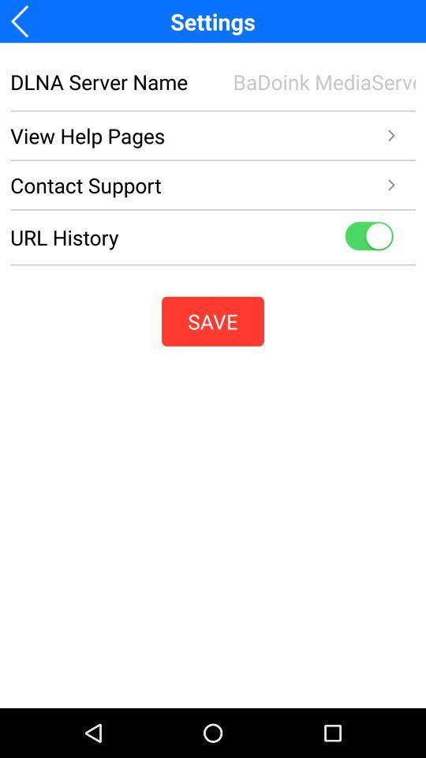  What do you see at coordinates (368, 236) in the screenshot?
I see `url history` at bounding box center [368, 236].